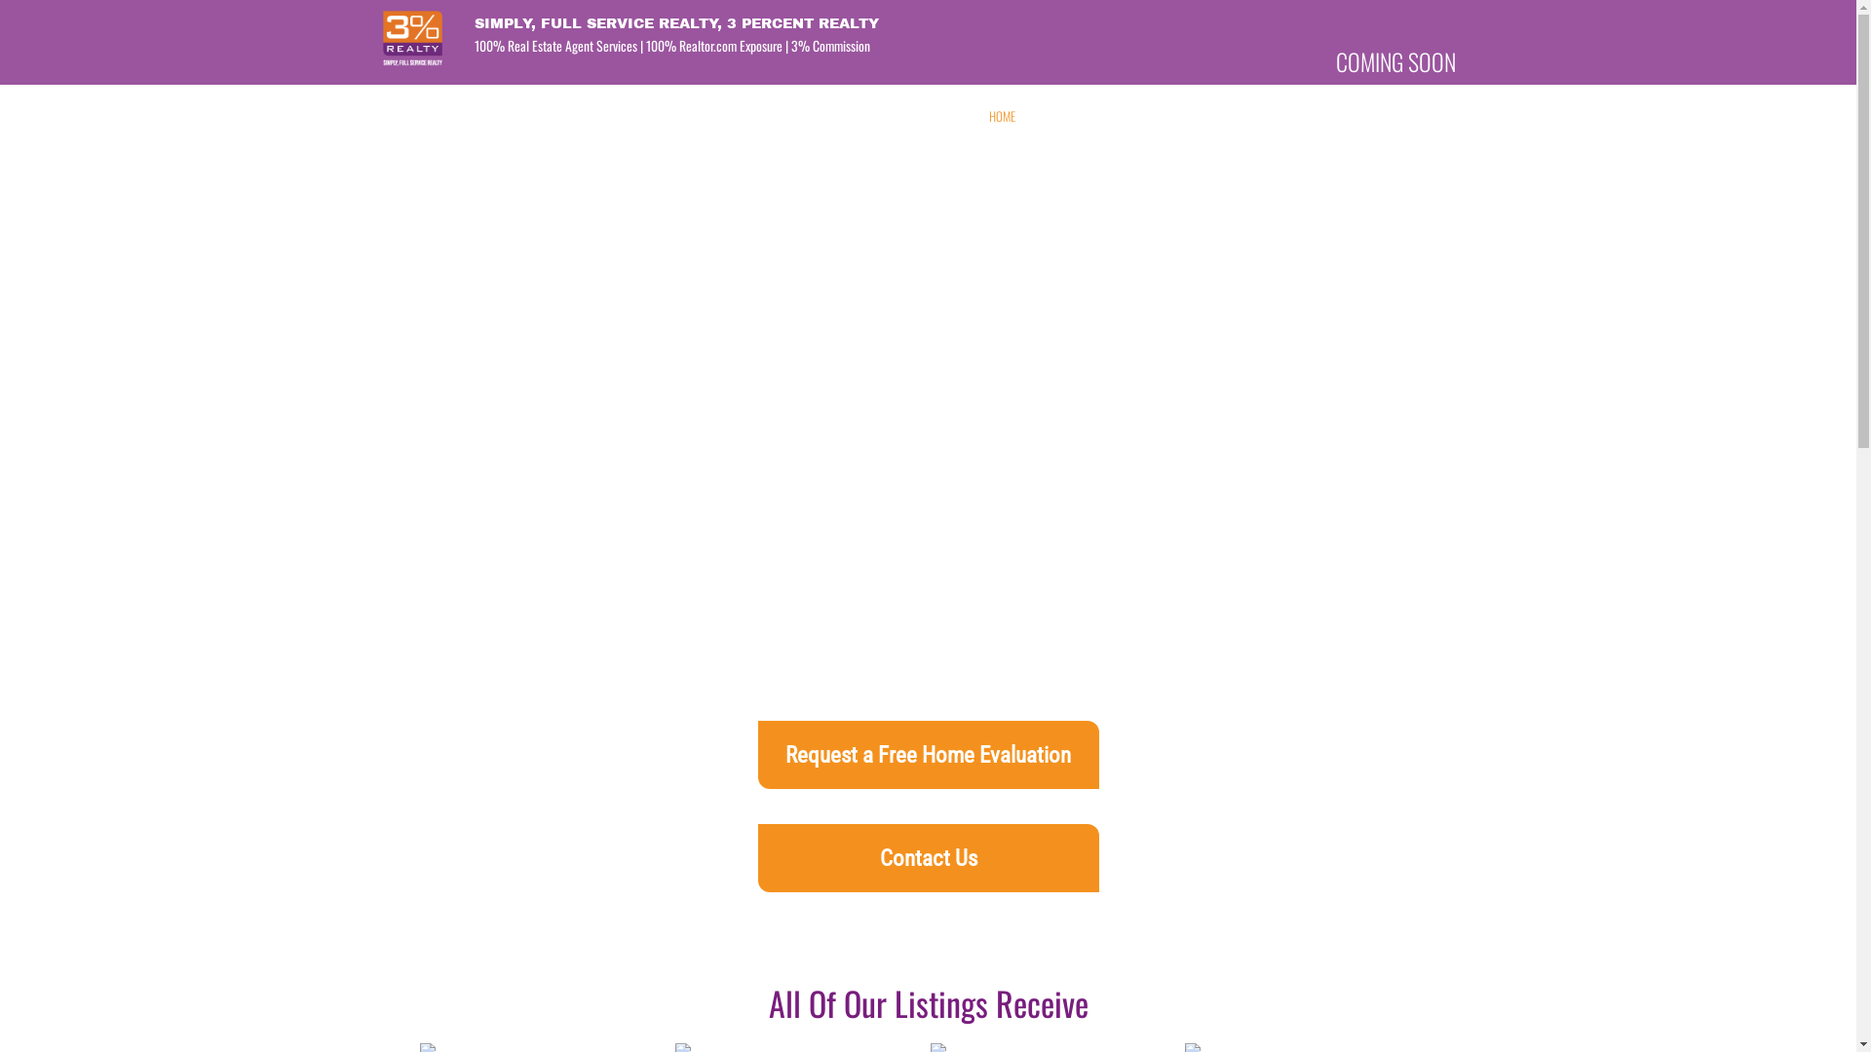 The image size is (1871, 1052). I want to click on 'SELLING GUIDE', so click(1398, 116).